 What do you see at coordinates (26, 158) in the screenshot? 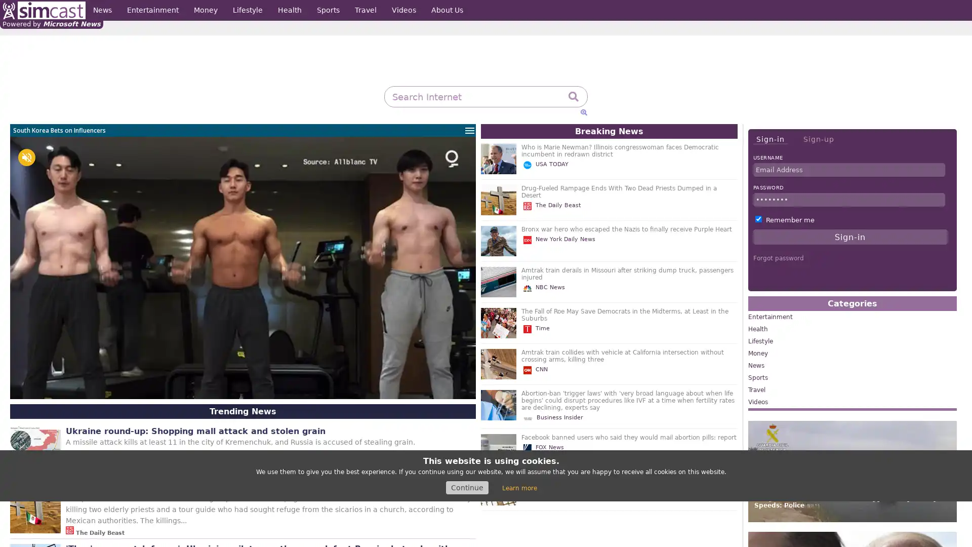
I see `volume_offvolume_up` at bounding box center [26, 158].